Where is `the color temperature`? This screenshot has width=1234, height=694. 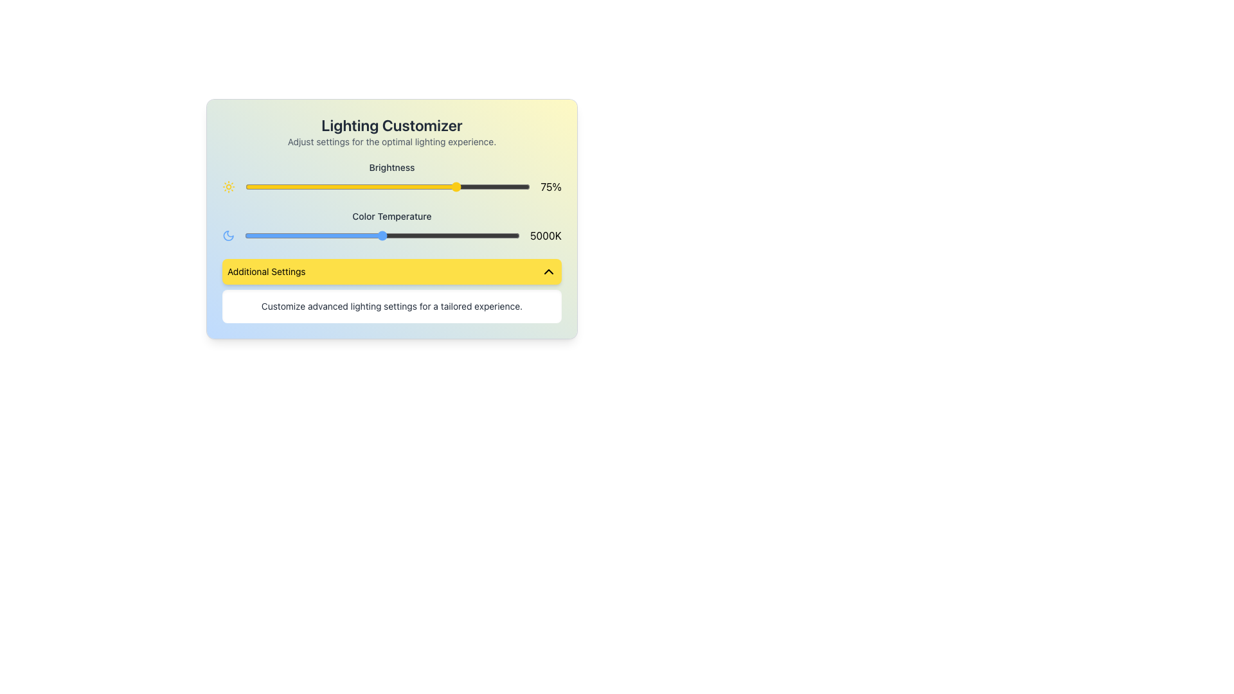 the color temperature is located at coordinates (468, 235).